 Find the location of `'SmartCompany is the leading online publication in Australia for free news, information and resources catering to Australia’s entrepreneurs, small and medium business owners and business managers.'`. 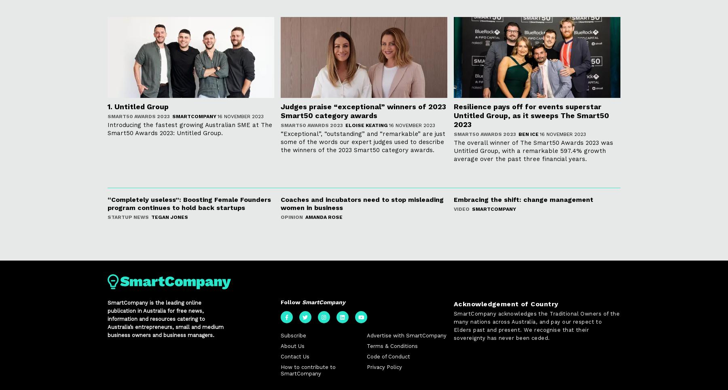

'SmartCompany is the leading online publication in Australia for free news, information and resources catering to Australia’s entrepreneurs, small and medium business owners and business managers.' is located at coordinates (106, 319).